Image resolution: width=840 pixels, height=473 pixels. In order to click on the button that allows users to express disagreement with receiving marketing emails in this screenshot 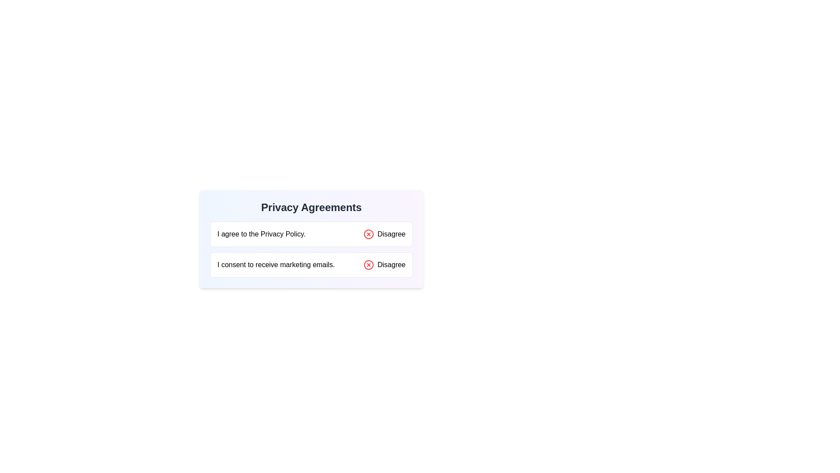, I will do `click(384, 265)`.